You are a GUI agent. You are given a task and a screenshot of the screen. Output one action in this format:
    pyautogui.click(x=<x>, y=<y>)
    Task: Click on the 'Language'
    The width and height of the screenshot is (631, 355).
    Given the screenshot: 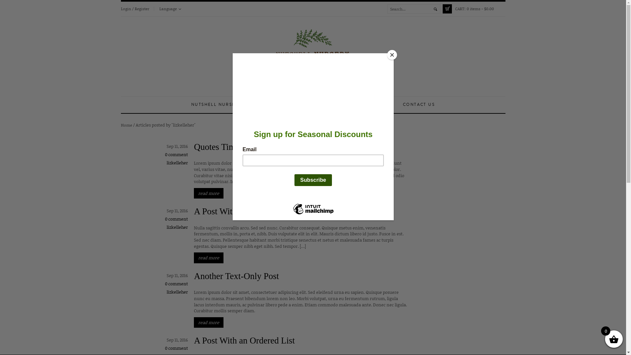 What is the action you would take?
    pyautogui.click(x=155, y=9)
    